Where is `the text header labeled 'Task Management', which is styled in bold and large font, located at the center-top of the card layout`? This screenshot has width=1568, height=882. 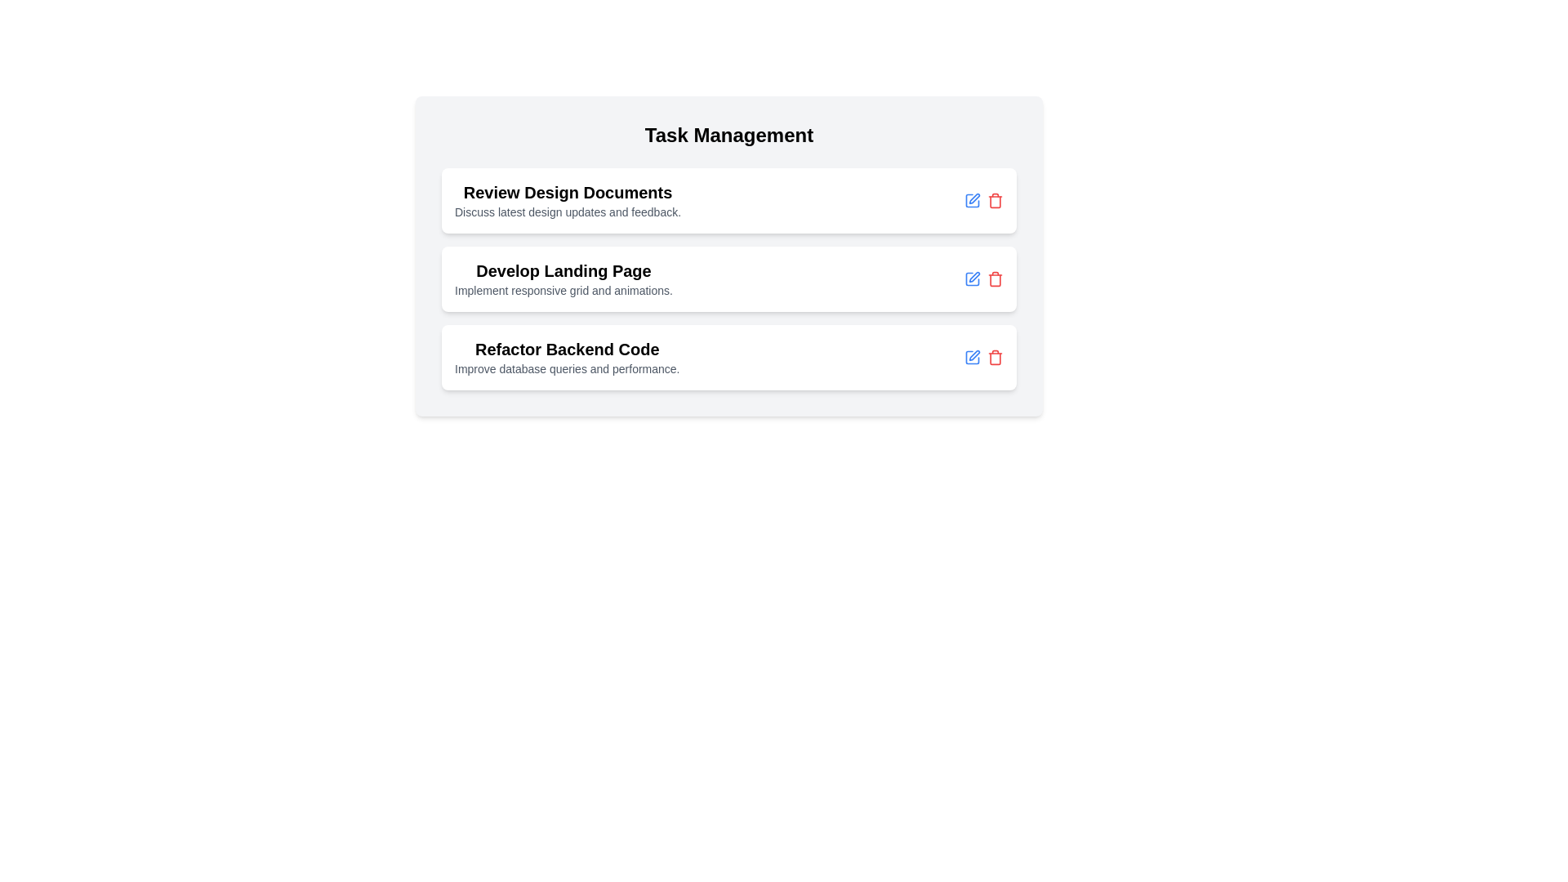 the text header labeled 'Task Management', which is styled in bold and large font, located at the center-top of the card layout is located at coordinates (728, 134).